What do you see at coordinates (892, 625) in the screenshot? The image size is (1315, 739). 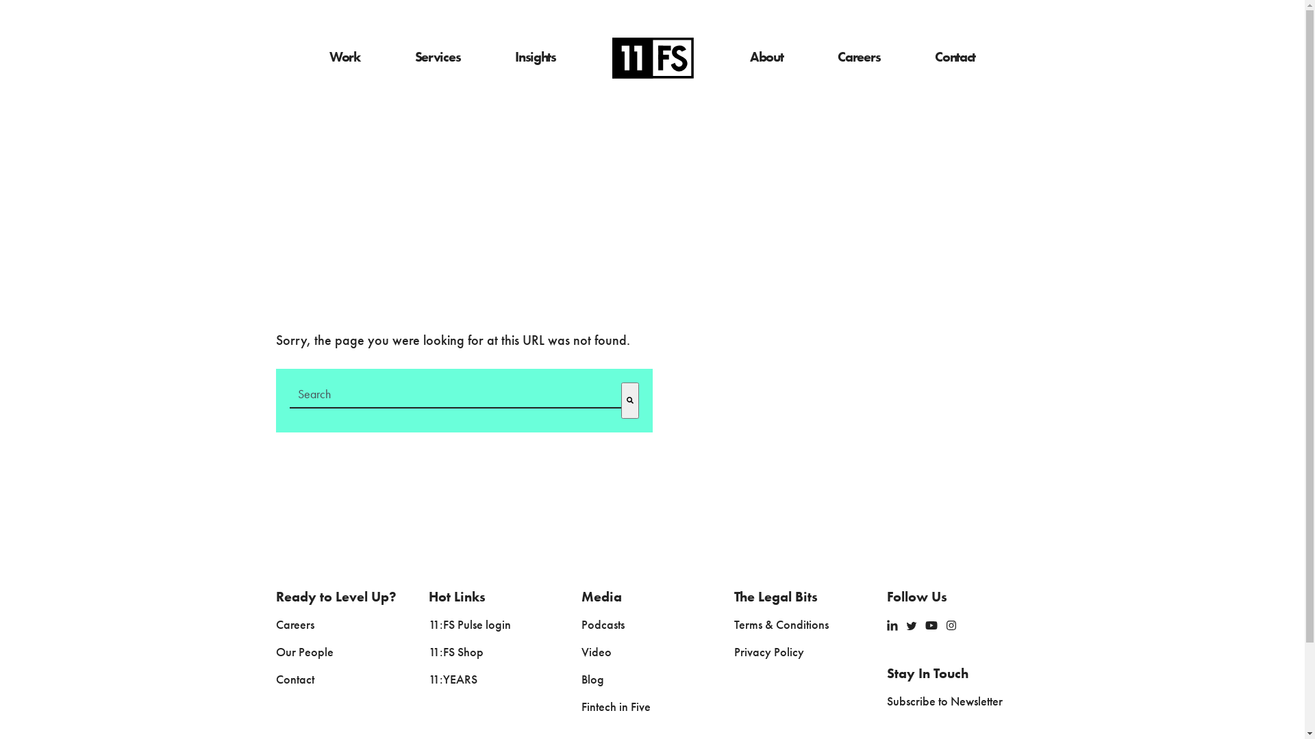 I see `'LinkedIn'` at bounding box center [892, 625].